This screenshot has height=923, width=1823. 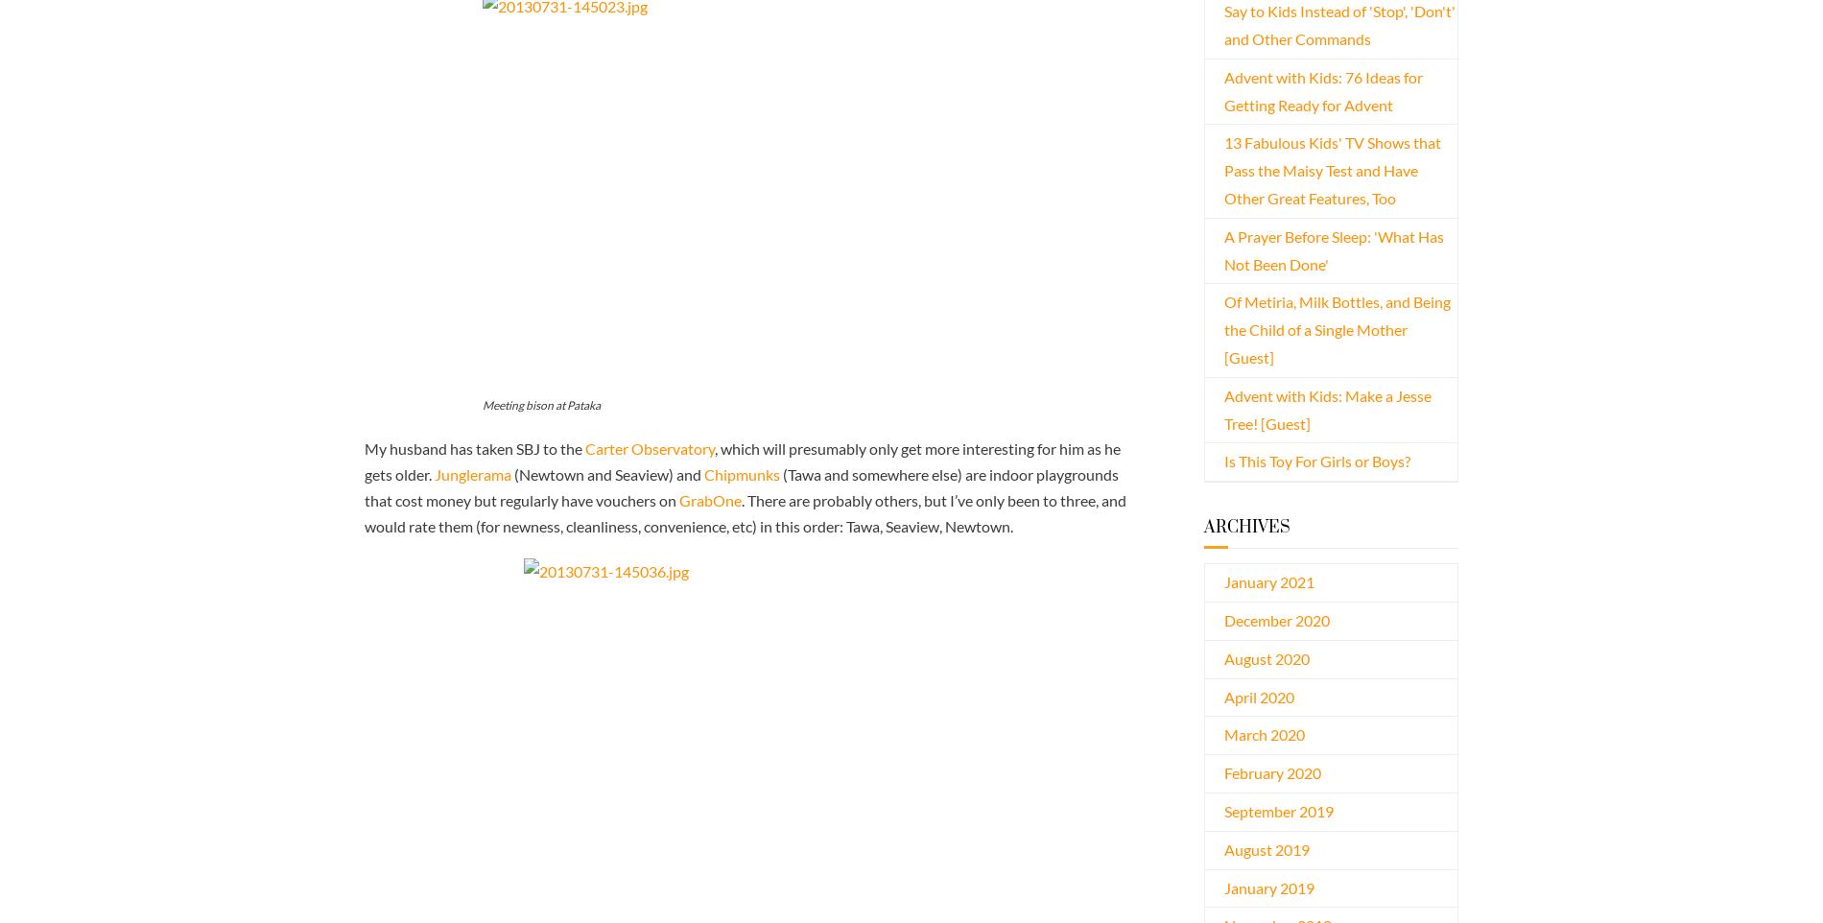 What do you see at coordinates (1271, 771) in the screenshot?
I see `'February 2020'` at bounding box center [1271, 771].